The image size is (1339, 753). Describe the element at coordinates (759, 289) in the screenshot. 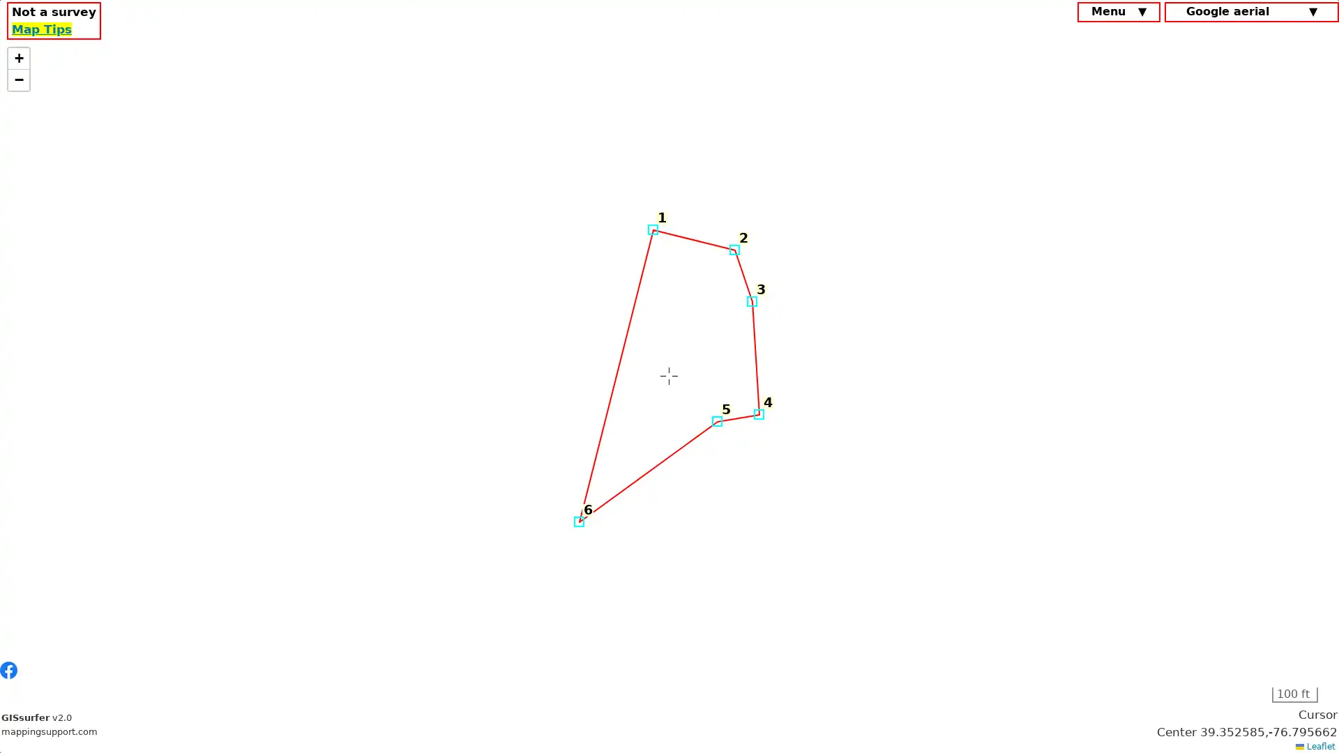

I see `3` at that location.